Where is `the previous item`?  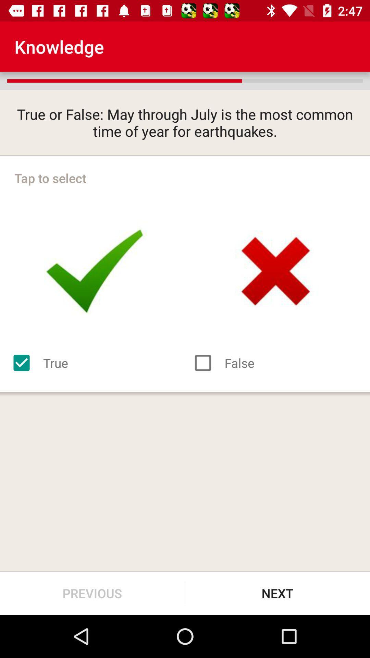
the previous item is located at coordinates (92, 593).